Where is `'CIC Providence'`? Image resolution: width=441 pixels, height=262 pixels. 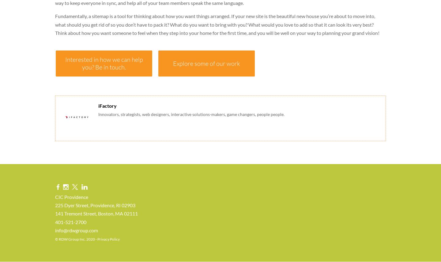
'CIC Providence' is located at coordinates (72, 197).